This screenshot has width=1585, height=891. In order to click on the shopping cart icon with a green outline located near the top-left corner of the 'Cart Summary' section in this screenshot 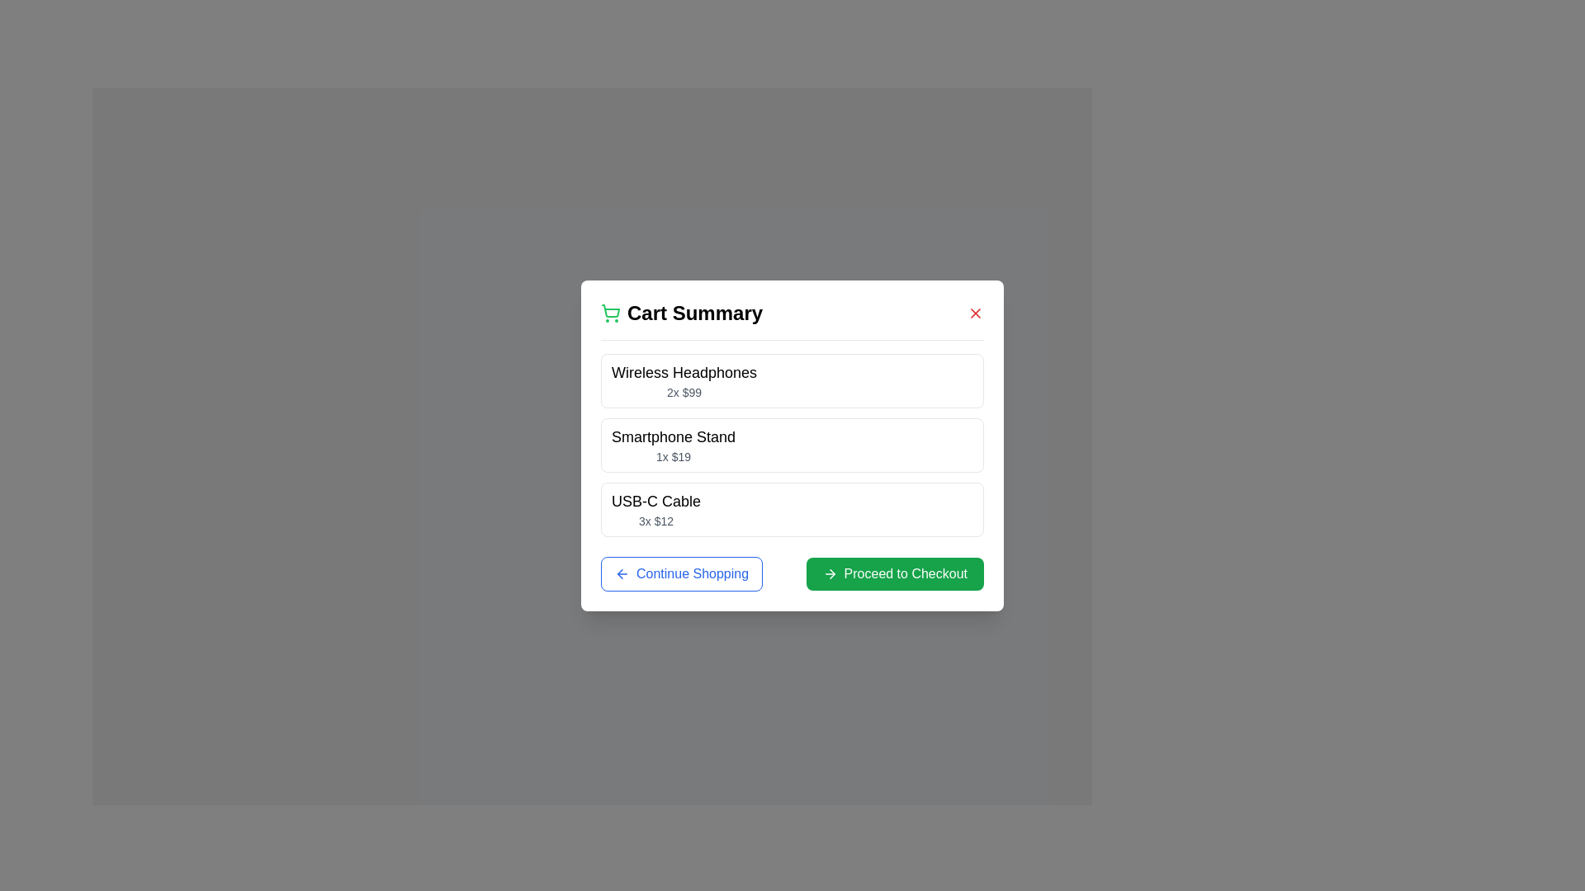, I will do `click(609, 313)`.